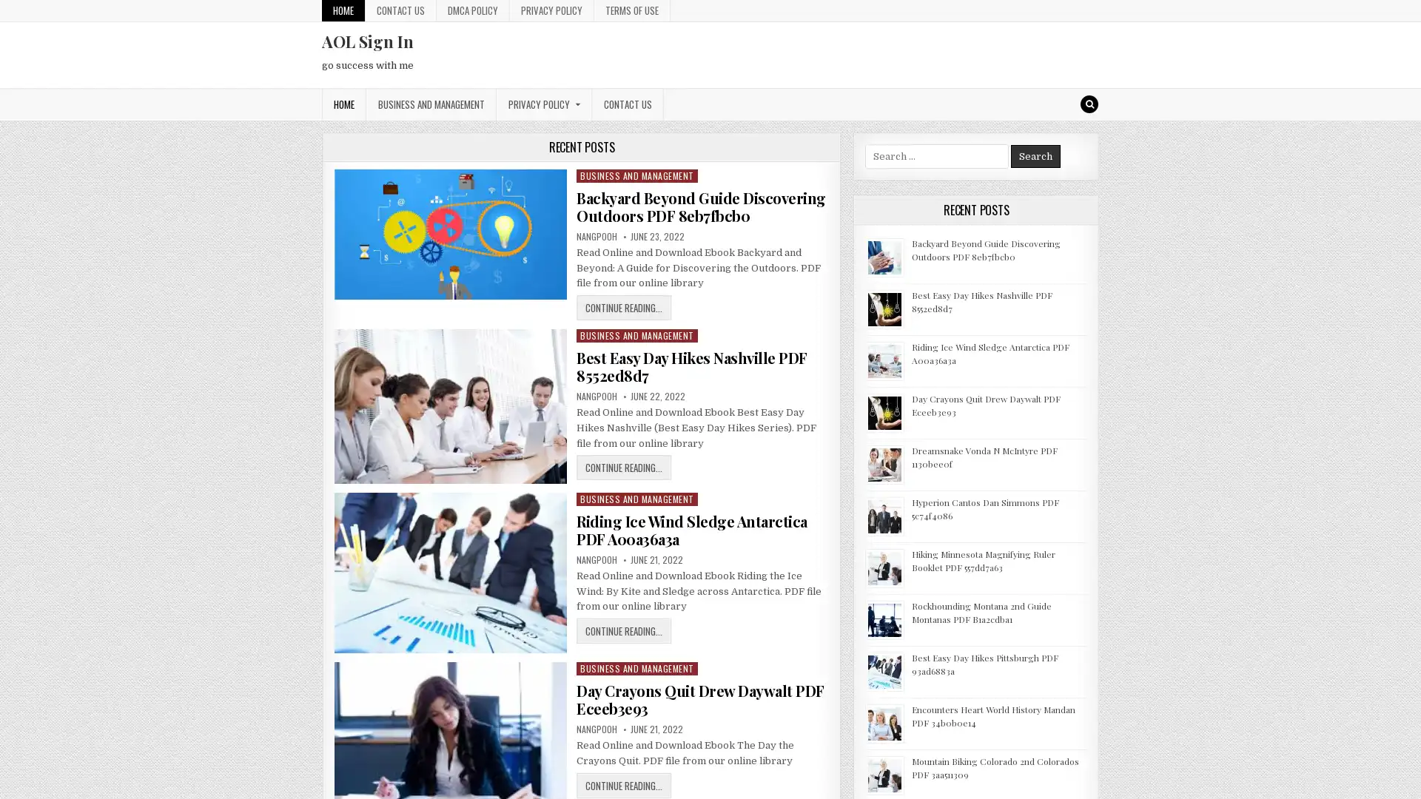  Describe the element at coordinates (1035, 156) in the screenshot. I see `Search` at that location.